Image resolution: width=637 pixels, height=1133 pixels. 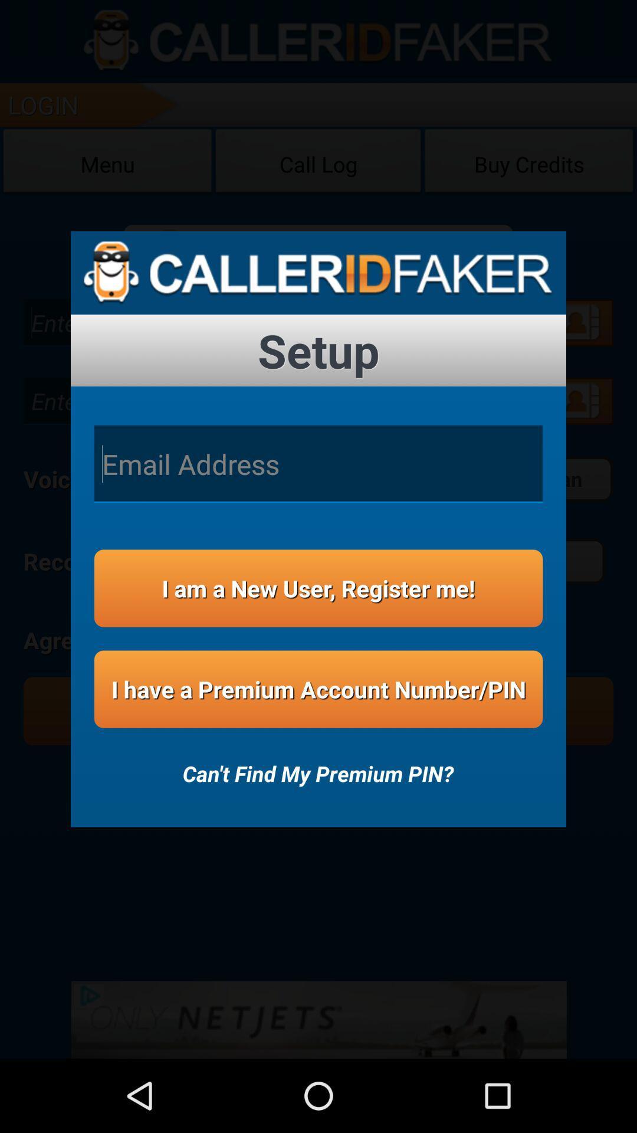 I want to click on the setup item, so click(x=318, y=350).